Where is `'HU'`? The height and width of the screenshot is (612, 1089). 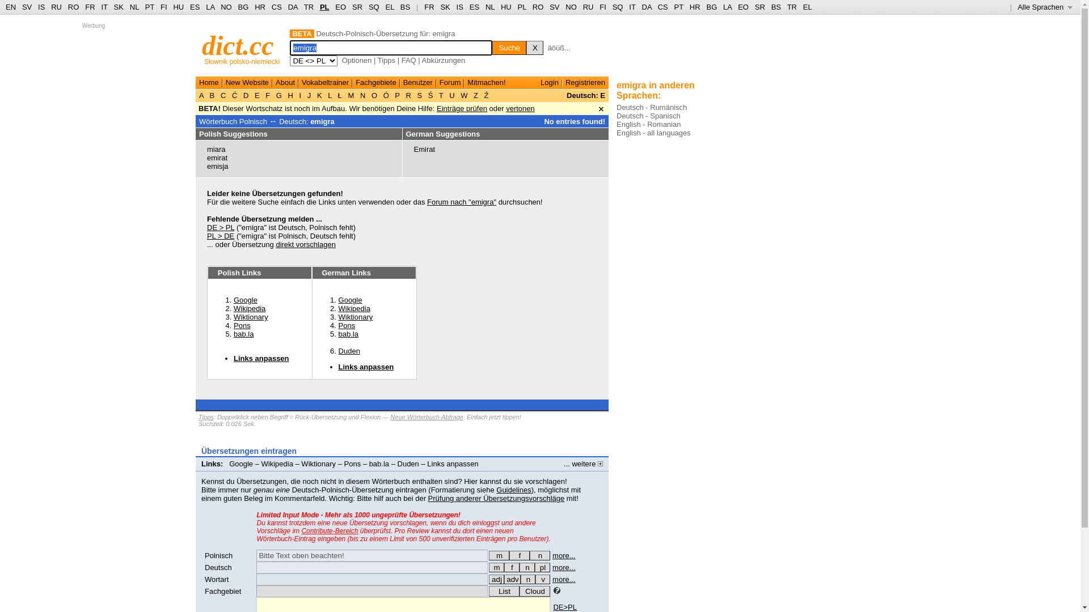 'HU' is located at coordinates (500, 7).